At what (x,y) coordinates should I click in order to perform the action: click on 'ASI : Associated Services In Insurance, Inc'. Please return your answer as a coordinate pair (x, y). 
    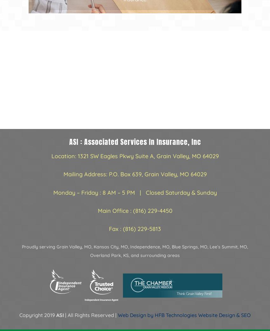
    Looking at the image, I should click on (135, 142).